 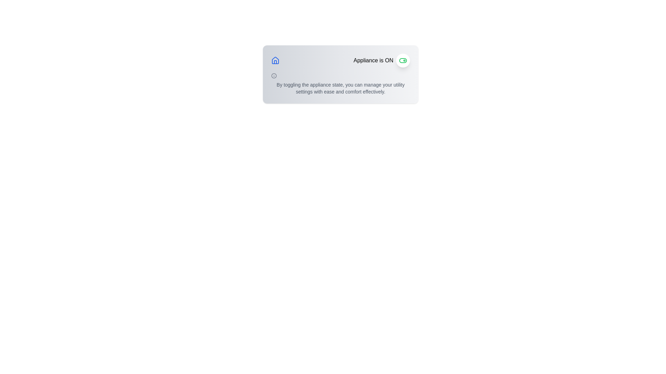 What do you see at coordinates (403, 60) in the screenshot?
I see `the visual state of the green rectangular decorative background of the toggle switch, which is part of the toggle switch interface` at bounding box center [403, 60].